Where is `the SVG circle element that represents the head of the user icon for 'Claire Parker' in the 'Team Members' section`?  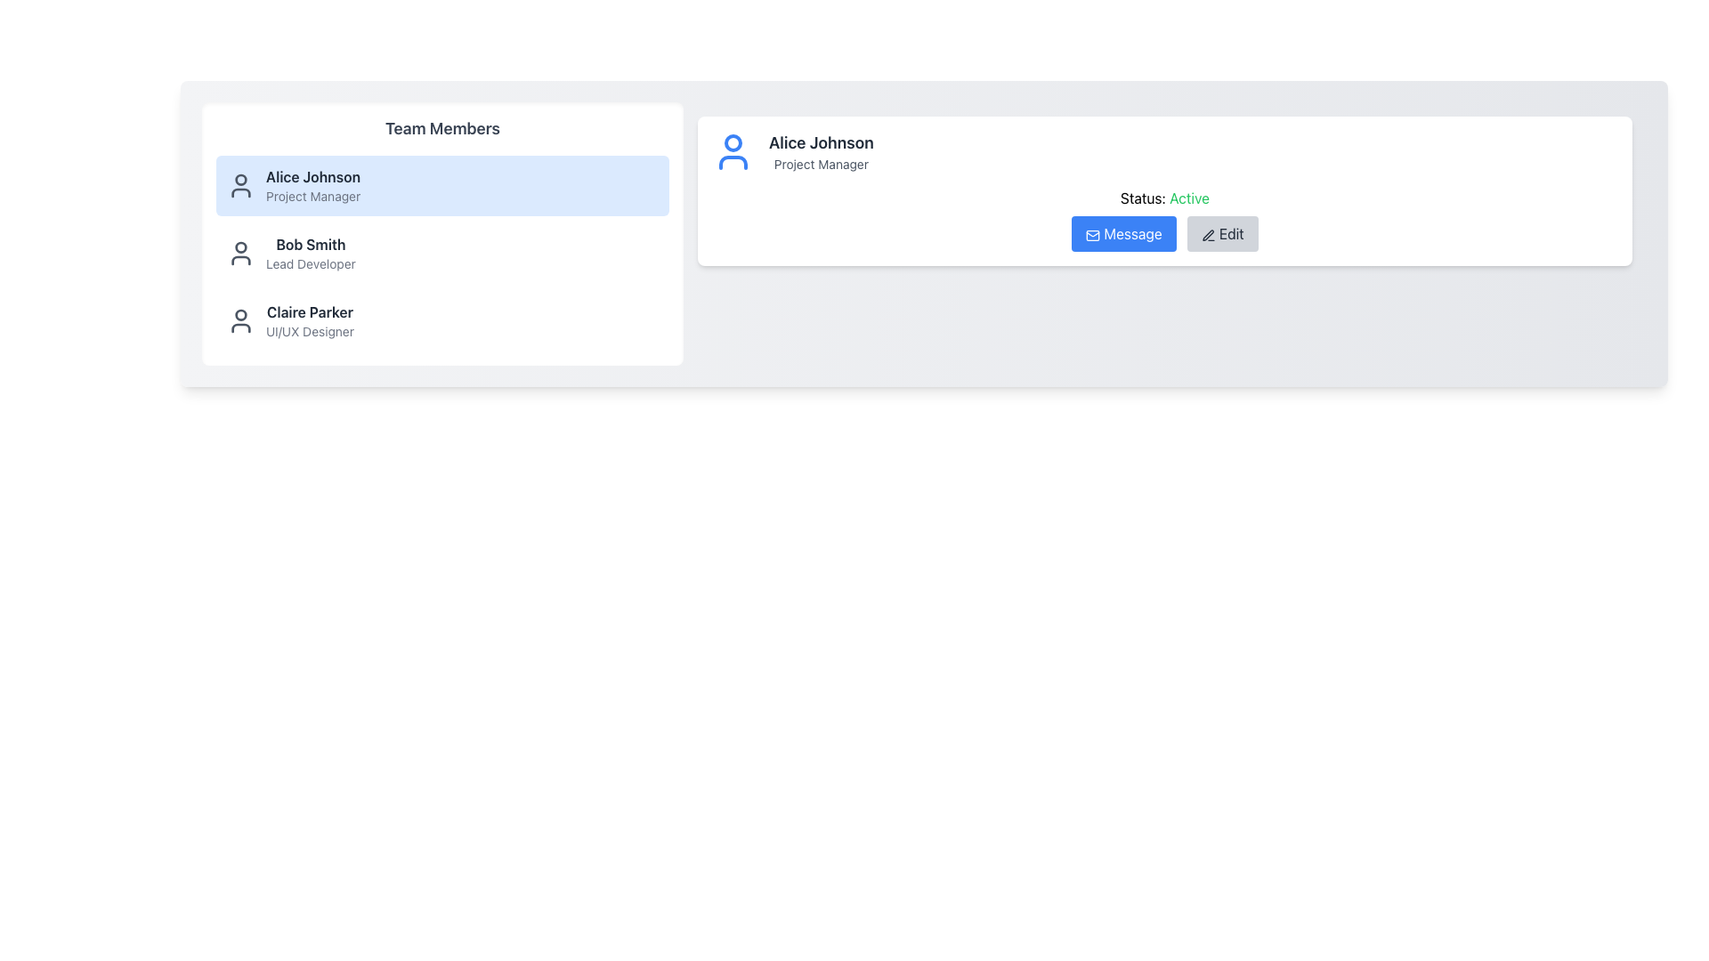 the SVG circle element that represents the head of the user icon for 'Claire Parker' in the 'Team Members' section is located at coordinates (239, 314).